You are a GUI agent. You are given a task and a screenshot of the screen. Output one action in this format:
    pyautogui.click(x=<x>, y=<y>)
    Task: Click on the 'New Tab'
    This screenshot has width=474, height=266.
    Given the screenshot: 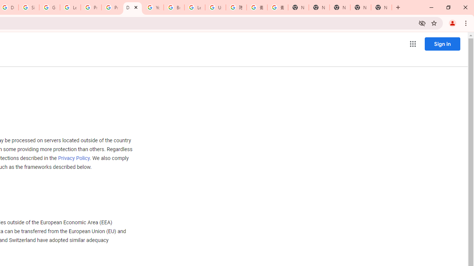 What is the action you would take?
    pyautogui.click(x=381, y=7)
    